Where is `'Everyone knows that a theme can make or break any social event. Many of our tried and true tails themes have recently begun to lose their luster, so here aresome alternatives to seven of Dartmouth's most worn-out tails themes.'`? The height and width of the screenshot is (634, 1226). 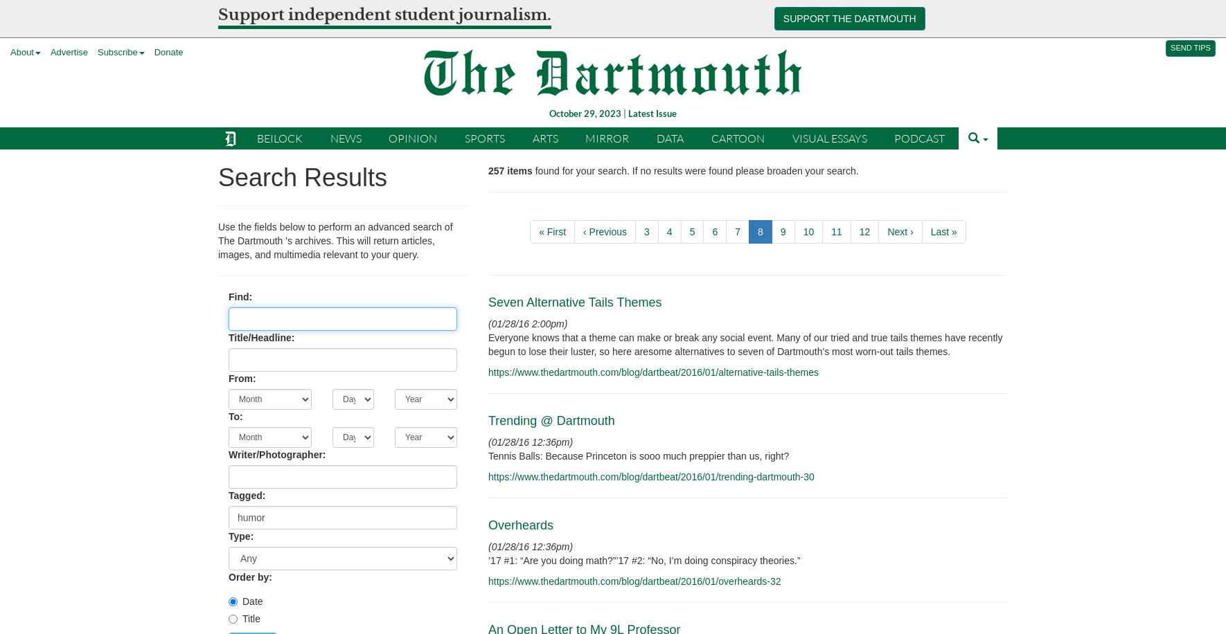 'Everyone knows that a theme can make or break any social event. Many of our tried and true tails themes have recently begun to lose their luster, so here aresome alternatives to seven of Dartmouth's most worn-out tails themes.' is located at coordinates (745, 345).